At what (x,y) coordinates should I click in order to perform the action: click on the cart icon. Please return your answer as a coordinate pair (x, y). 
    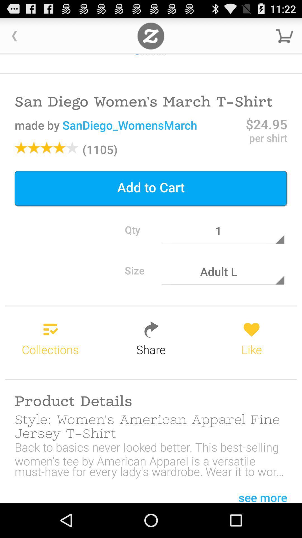
    Looking at the image, I should click on (284, 38).